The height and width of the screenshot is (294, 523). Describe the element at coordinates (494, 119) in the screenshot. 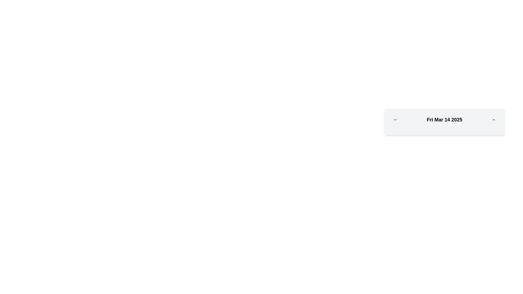

I see `the small upward-pointing chevron icon styled in gray, located at the far right of the horizontal bar containing the date 'Fri Mar 14 2025'` at that location.